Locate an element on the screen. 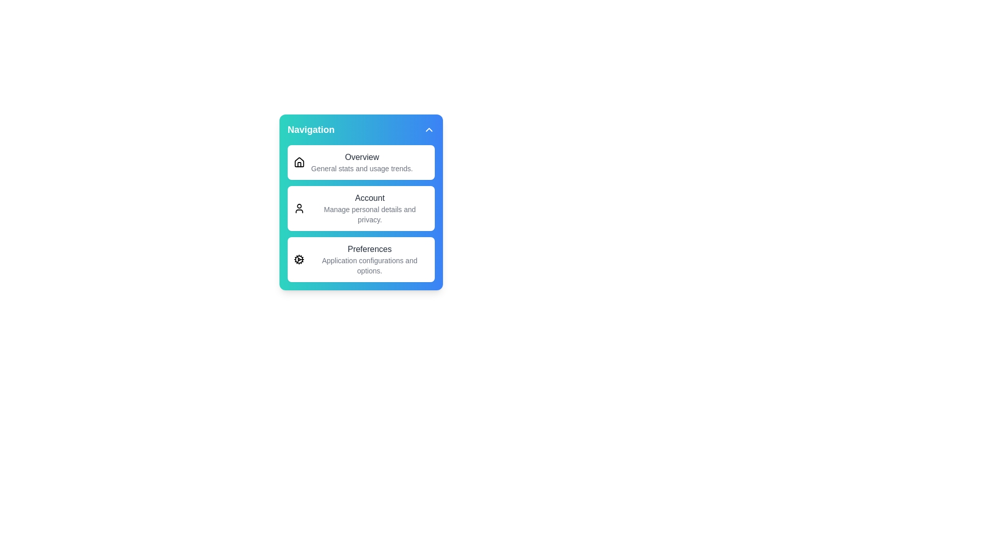 The image size is (981, 552). the icon associated with Overview is located at coordinates (298, 162).